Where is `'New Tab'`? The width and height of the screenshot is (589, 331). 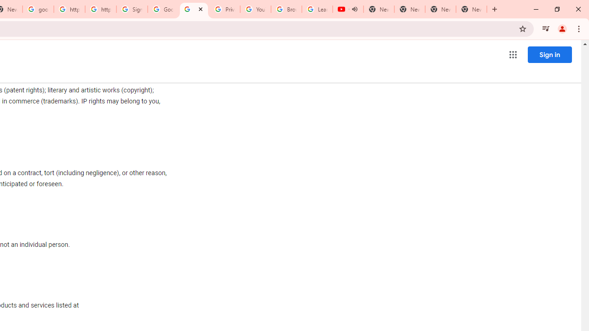 'New Tab' is located at coordinates (471, 9).